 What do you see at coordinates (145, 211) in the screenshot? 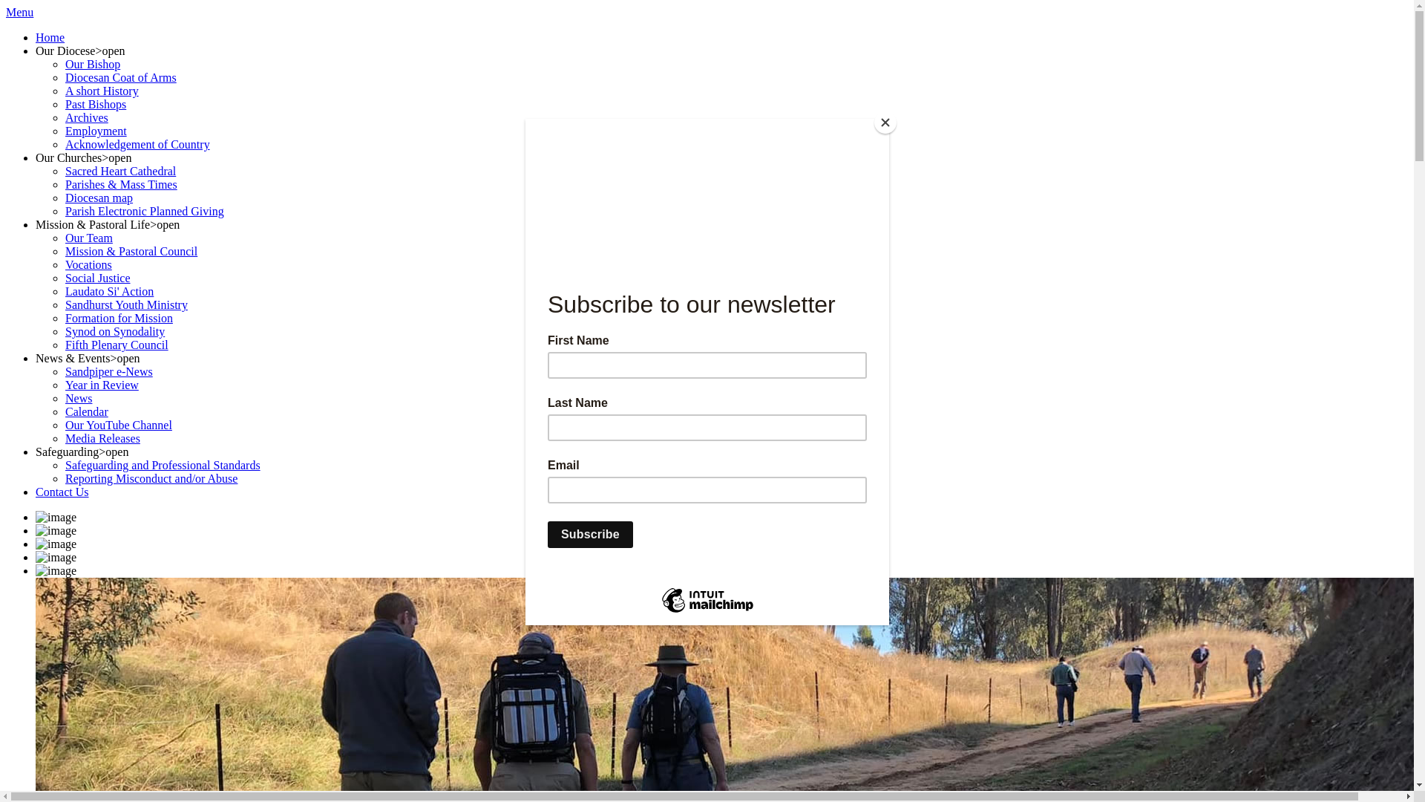
I see `'Parish Electronic Planned Giving'` at bounding box center [145, 211].